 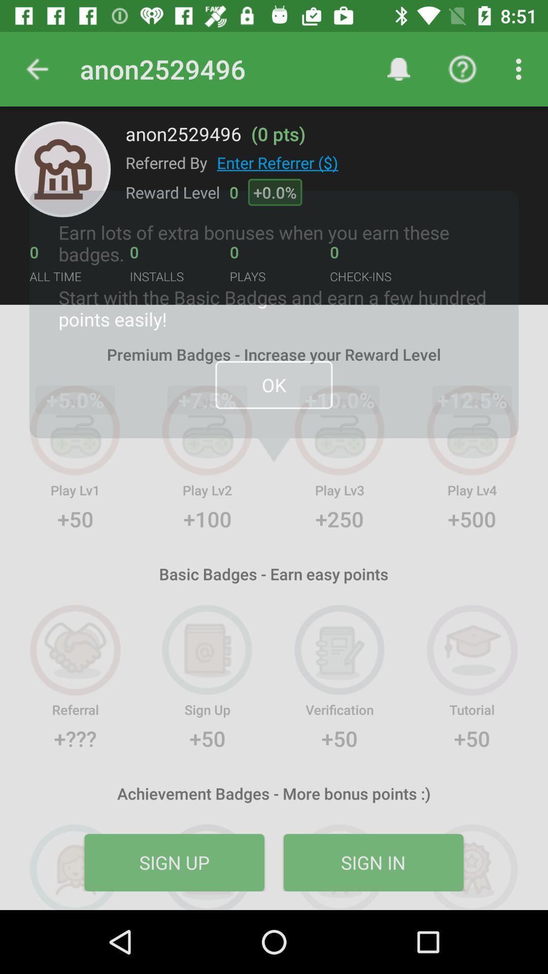 I want to click on information button, so click(x=62, y=169).